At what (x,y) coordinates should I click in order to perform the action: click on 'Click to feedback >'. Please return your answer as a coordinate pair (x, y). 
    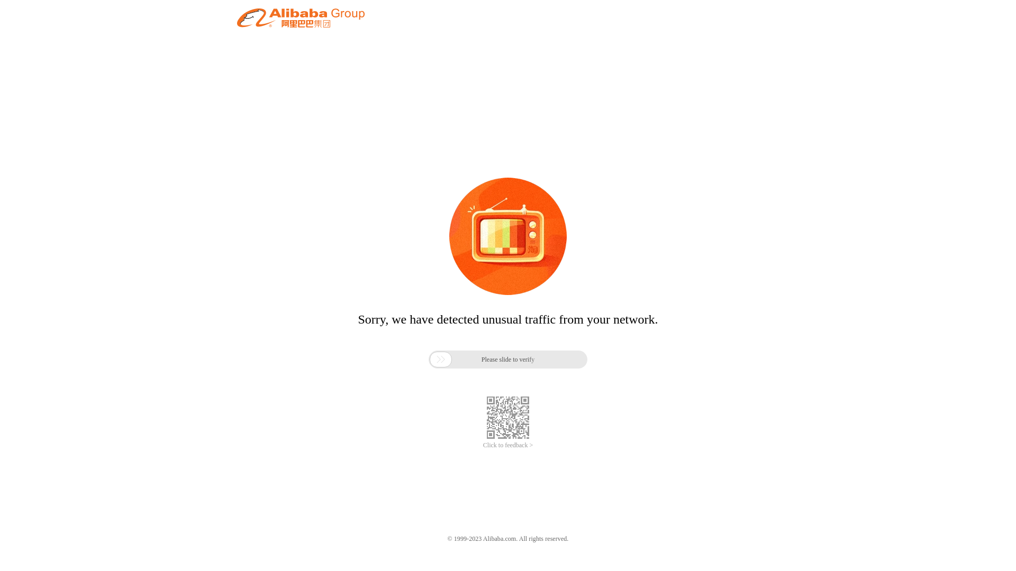
    Looking at the image, I should click on (508, 445).